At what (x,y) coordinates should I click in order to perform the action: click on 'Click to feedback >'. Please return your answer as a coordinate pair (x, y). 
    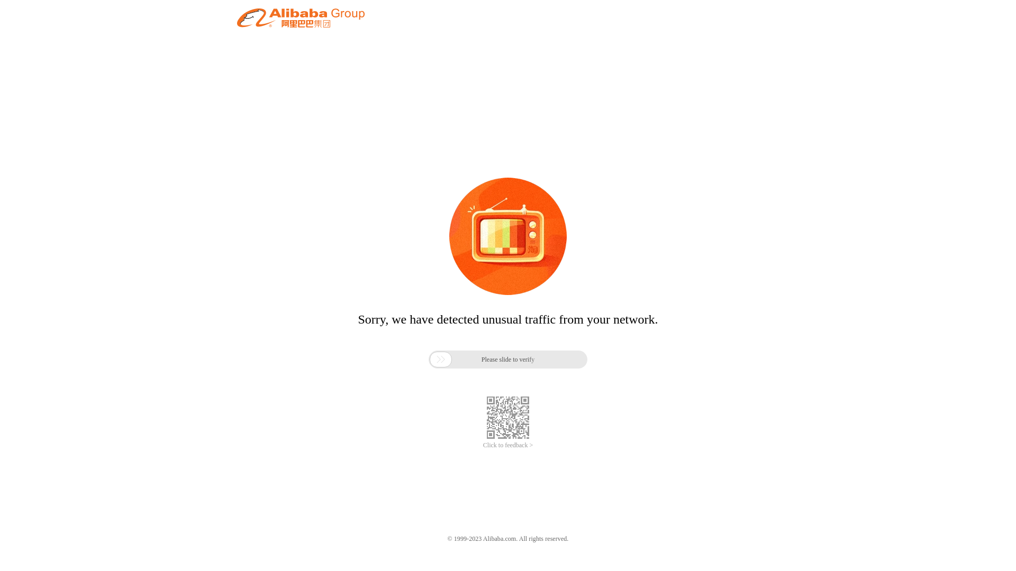
    Looking at the image, I should click on (508, 445).